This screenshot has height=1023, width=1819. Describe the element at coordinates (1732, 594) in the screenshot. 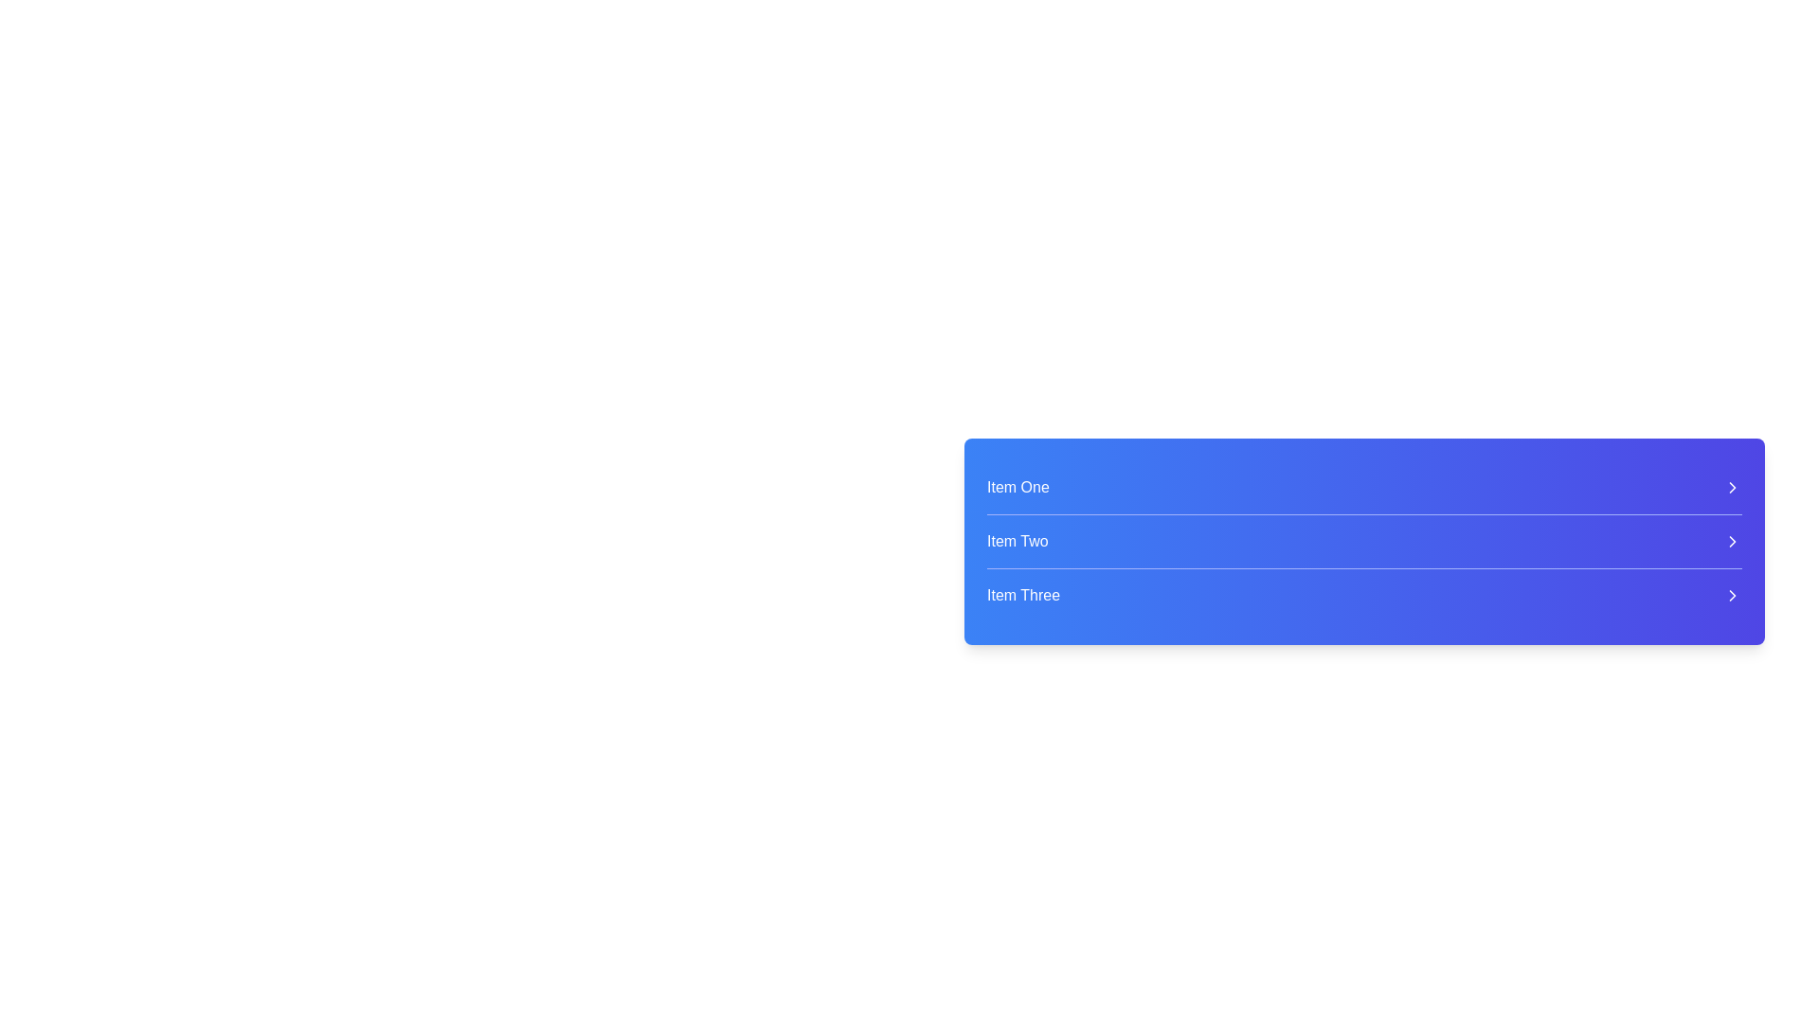

I see `the chevron icon located to the right of the 'Item Three' text in the vertical list-style menu` at that location.